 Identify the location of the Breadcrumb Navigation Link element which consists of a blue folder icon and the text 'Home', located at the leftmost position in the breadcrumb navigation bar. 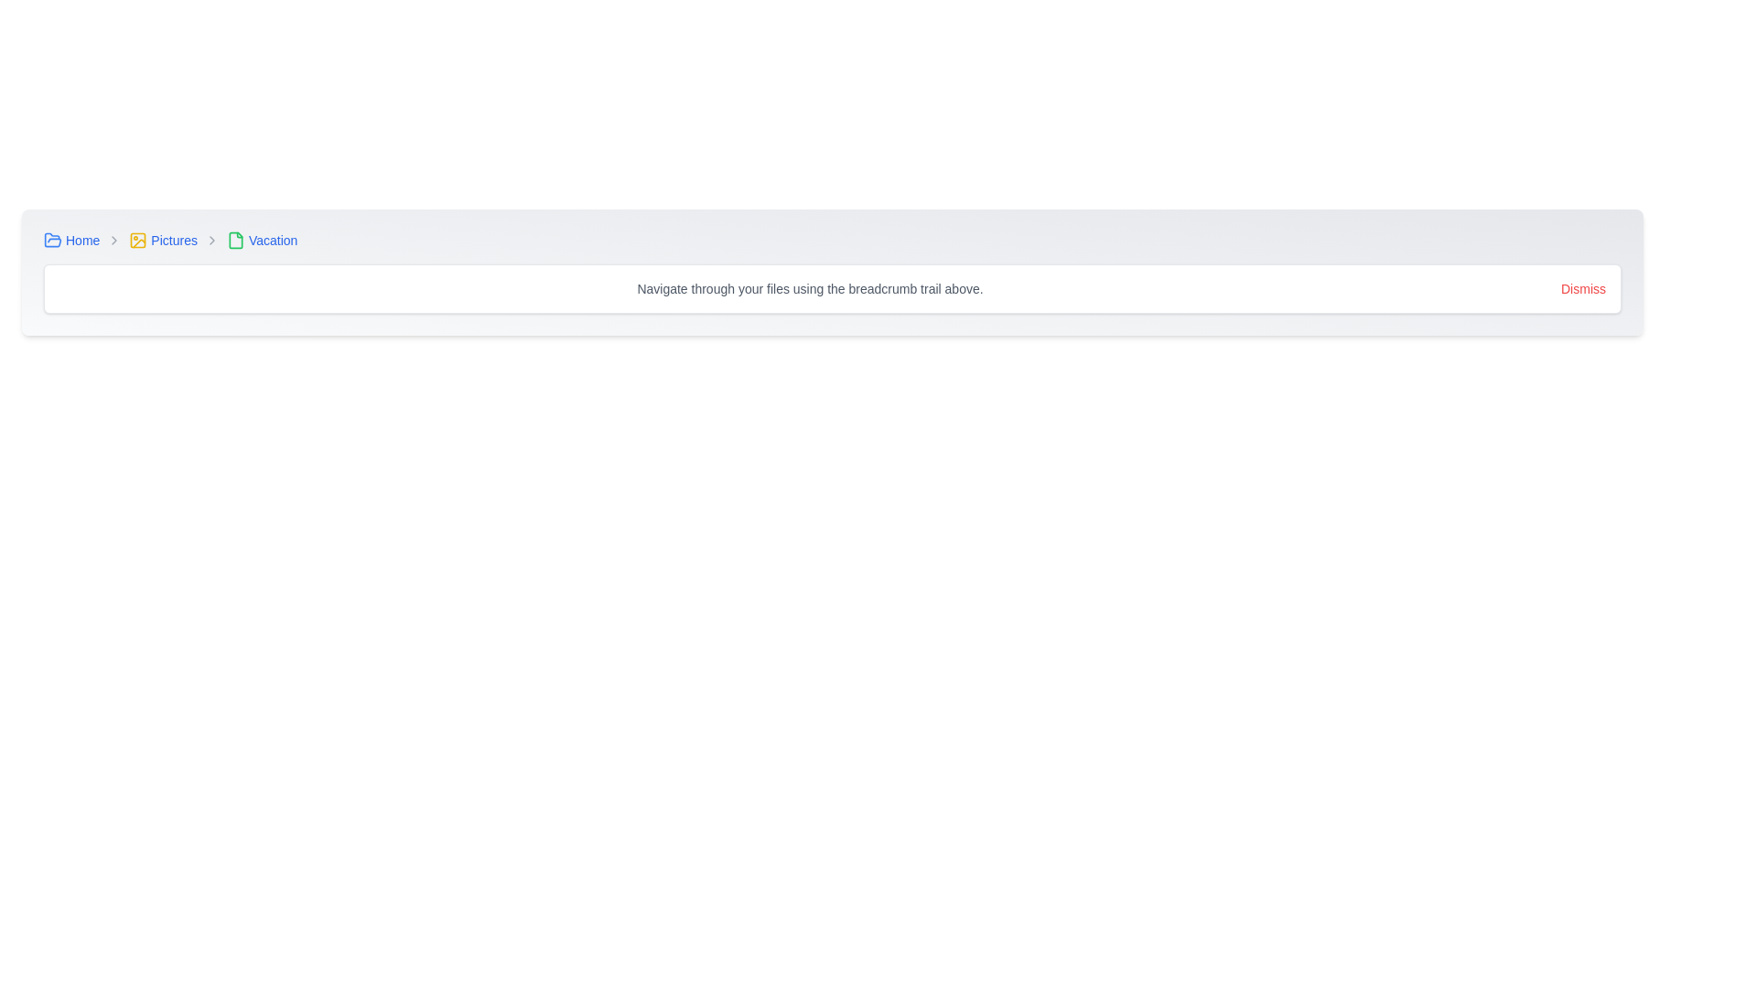
(71, 239).